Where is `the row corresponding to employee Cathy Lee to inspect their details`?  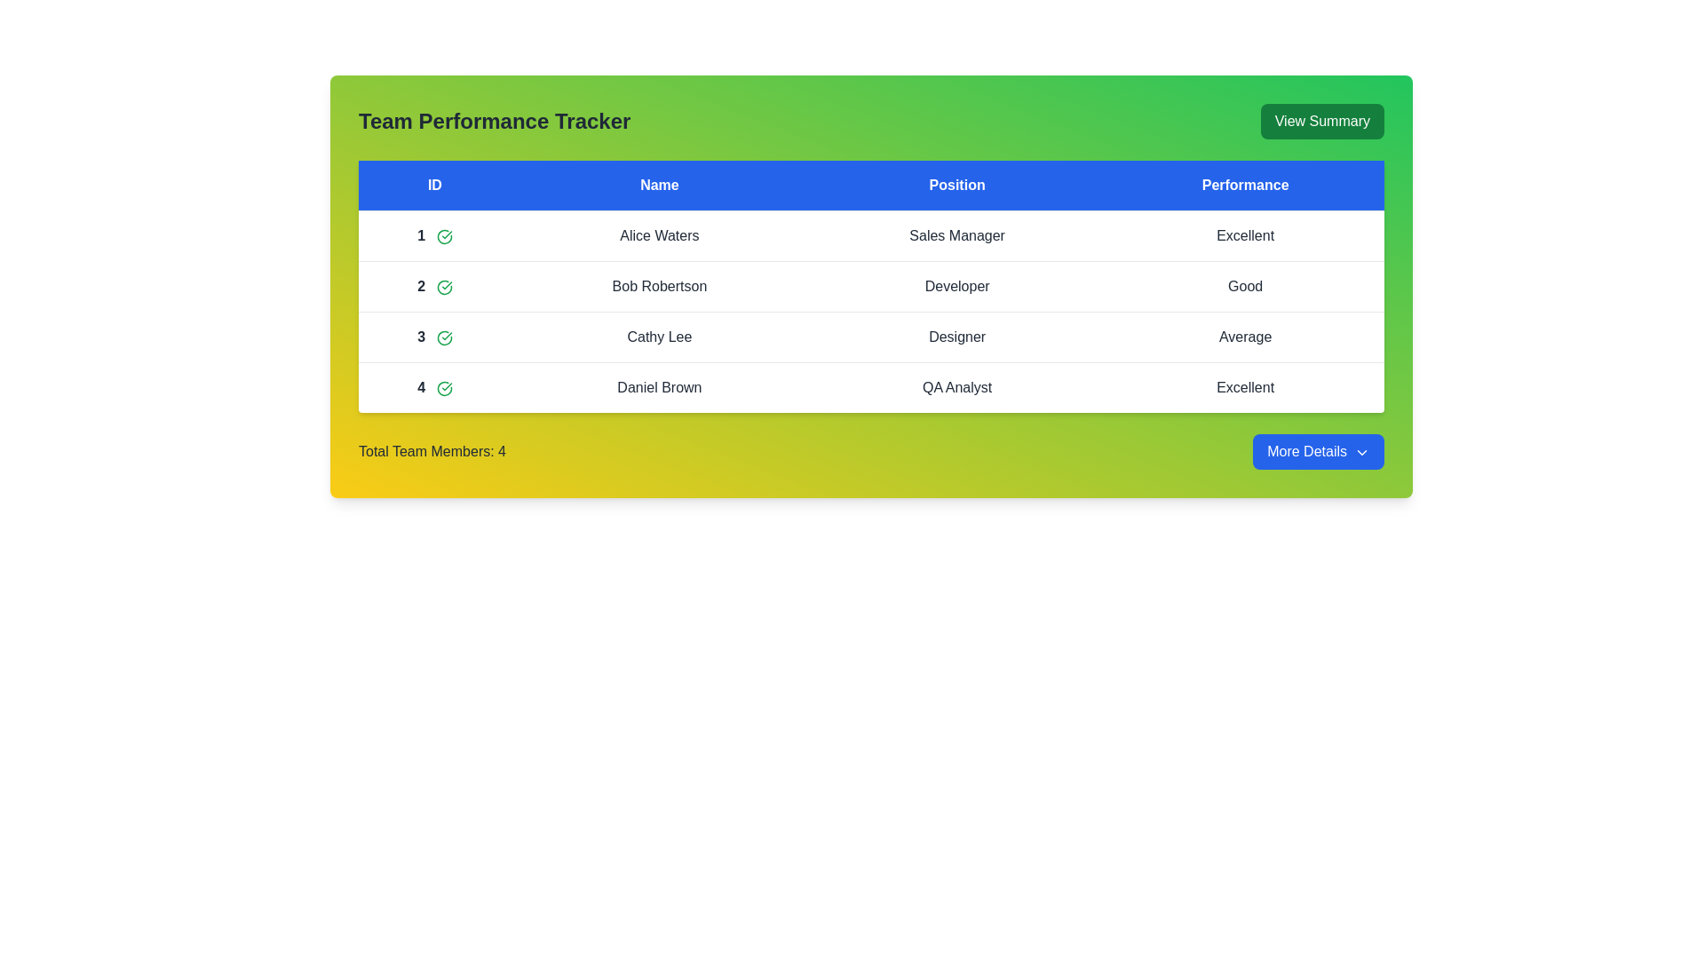 the row corresponding to employee Cathy Lee to inspect their details is located at coordinates (658, 337).